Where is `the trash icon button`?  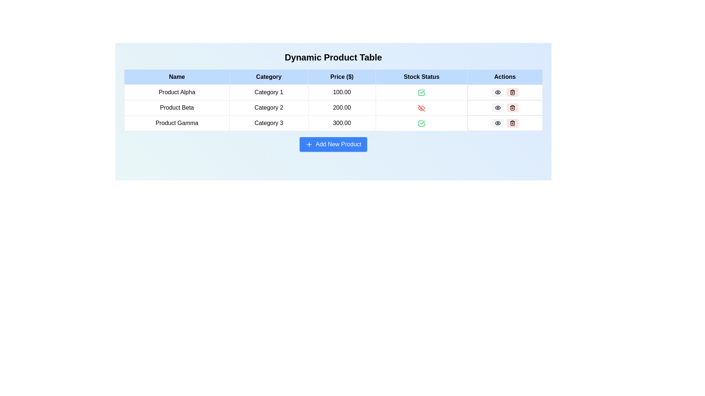 the trash icon button is located at coordinates (512, 107).